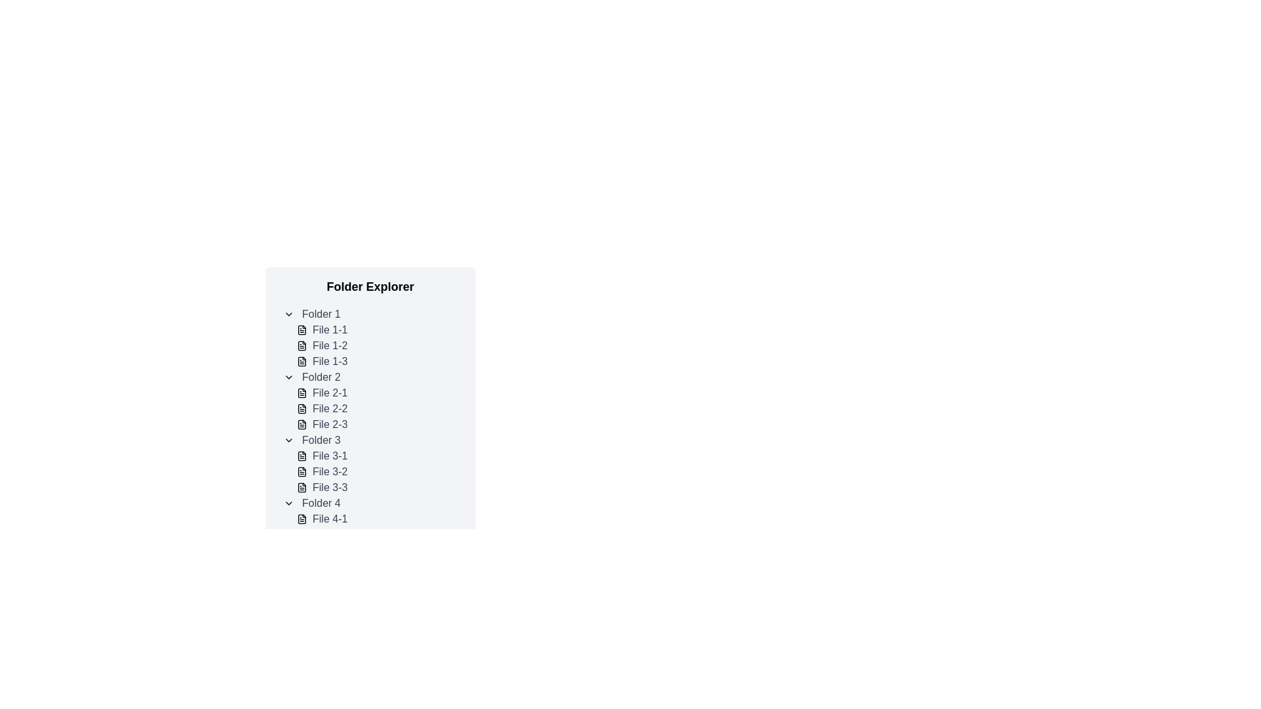 This screenshot has height=709, width=1261. What do you see at coordinates (301, 488) in the screenshot?
I see `the document icon located to the left of the 'File 3-3' label in the third folder group` at bounding box center [301, 488].